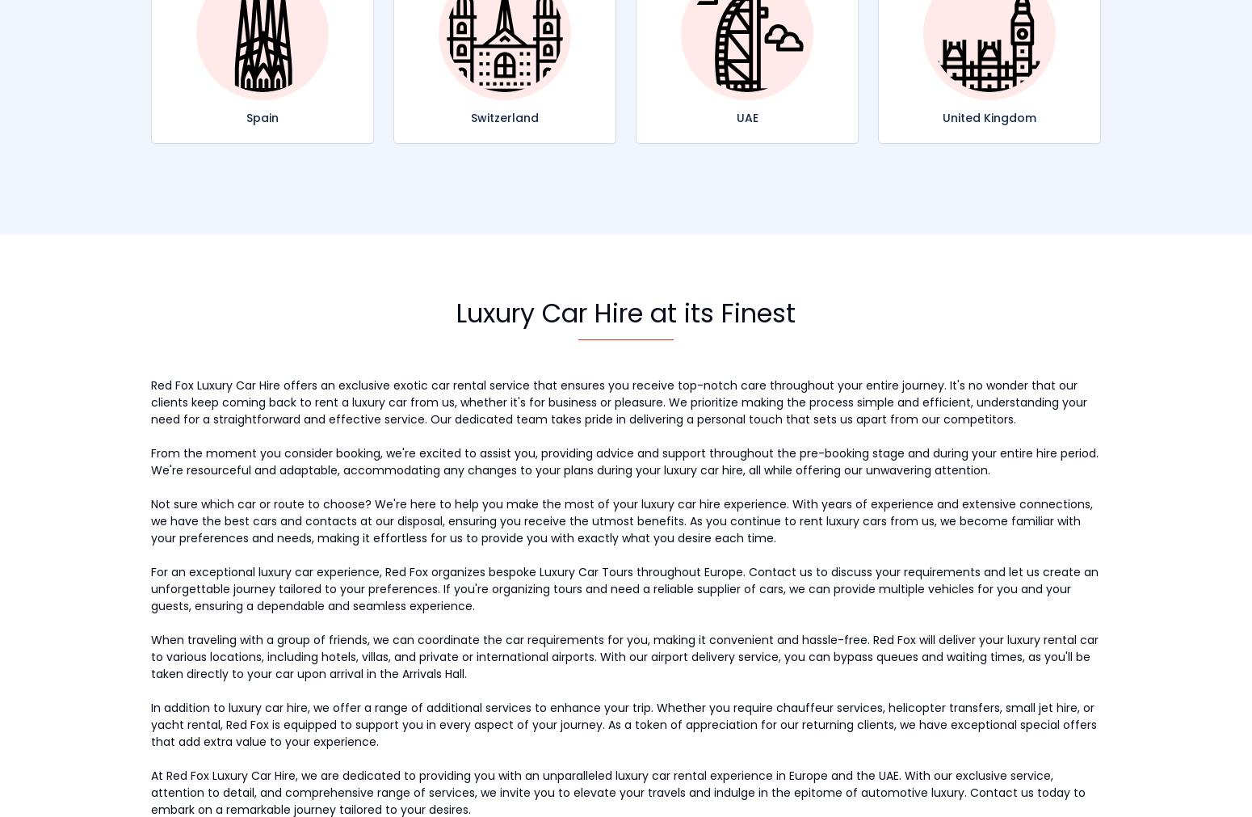  Describe the element at coordinates (735, 116) in the screenshot. I see `'UAE'` at that location.